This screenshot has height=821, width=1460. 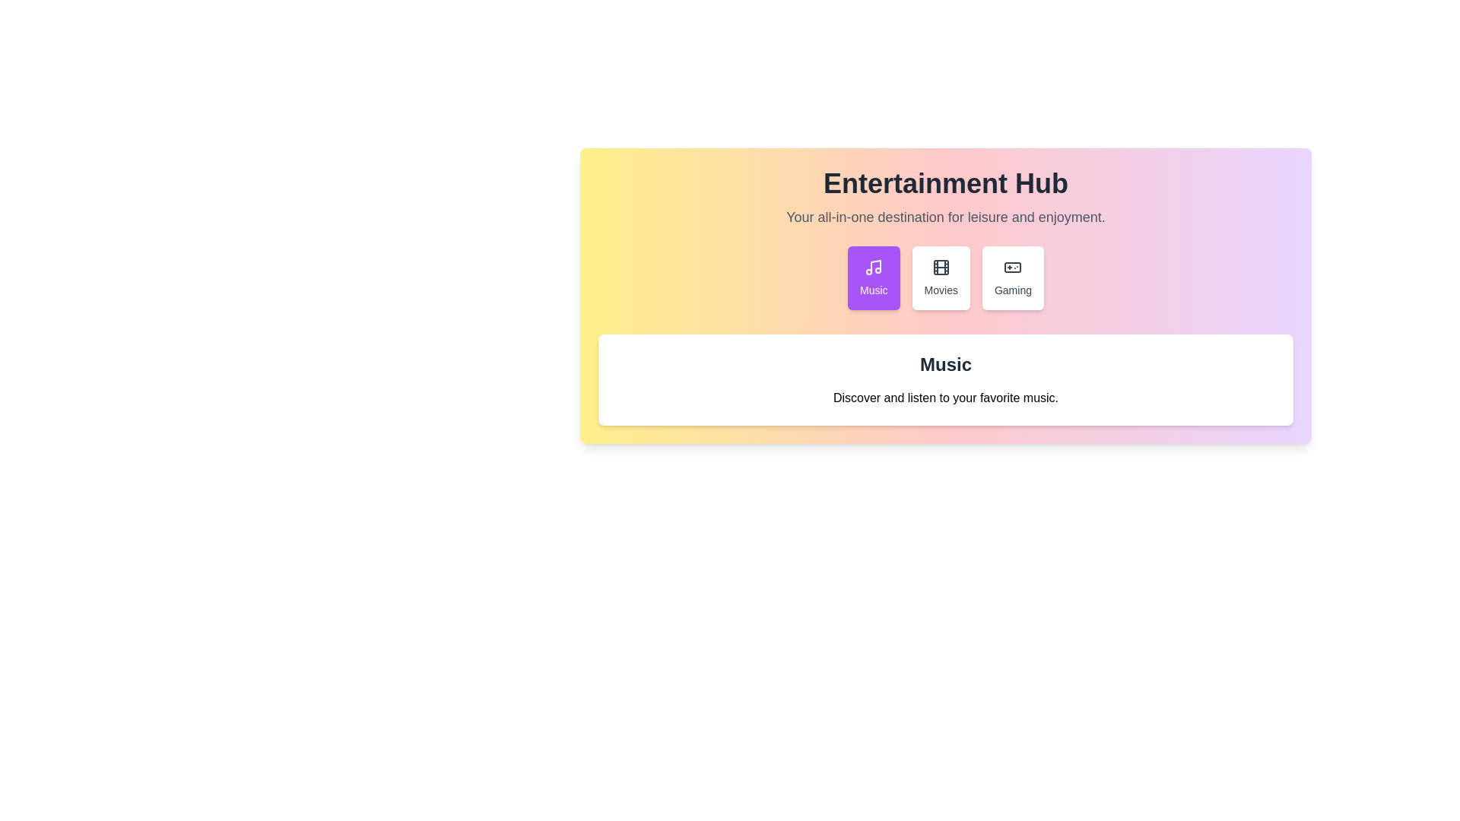 I want to click on the Heading text displaying 'Music', which is styled with a large font size and bold weight, located at the top center of the card component, so click(x=944, y=364).